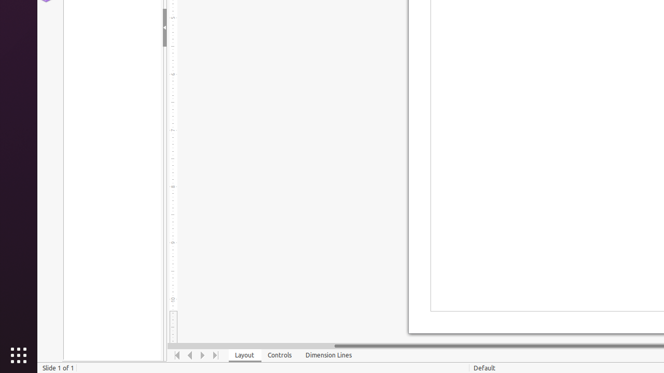  Describe the element at coordinates (215, 355) in the screenshot. I see `'Move To End'` at that location.